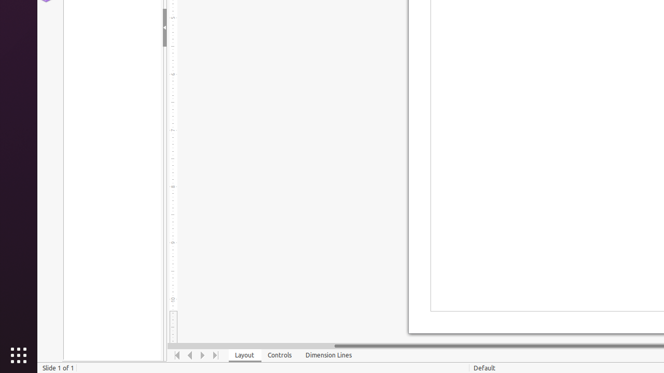  Describe the element at coordinates (215, 355) in the screenshot. I see `'Move To End'` at that location.